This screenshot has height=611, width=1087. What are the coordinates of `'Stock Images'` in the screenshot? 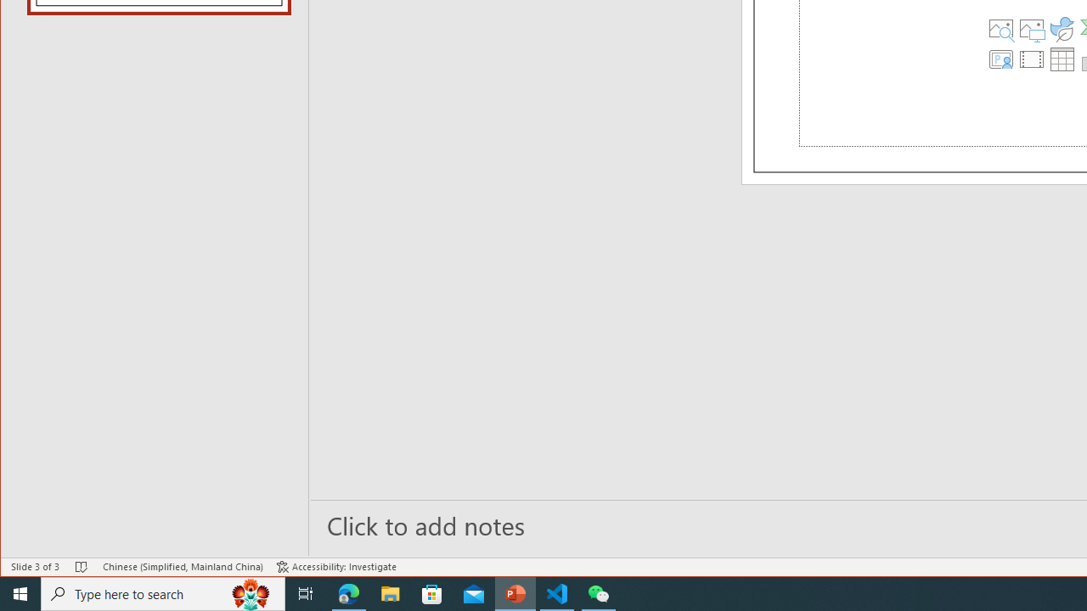 It's located at (1001, 28).